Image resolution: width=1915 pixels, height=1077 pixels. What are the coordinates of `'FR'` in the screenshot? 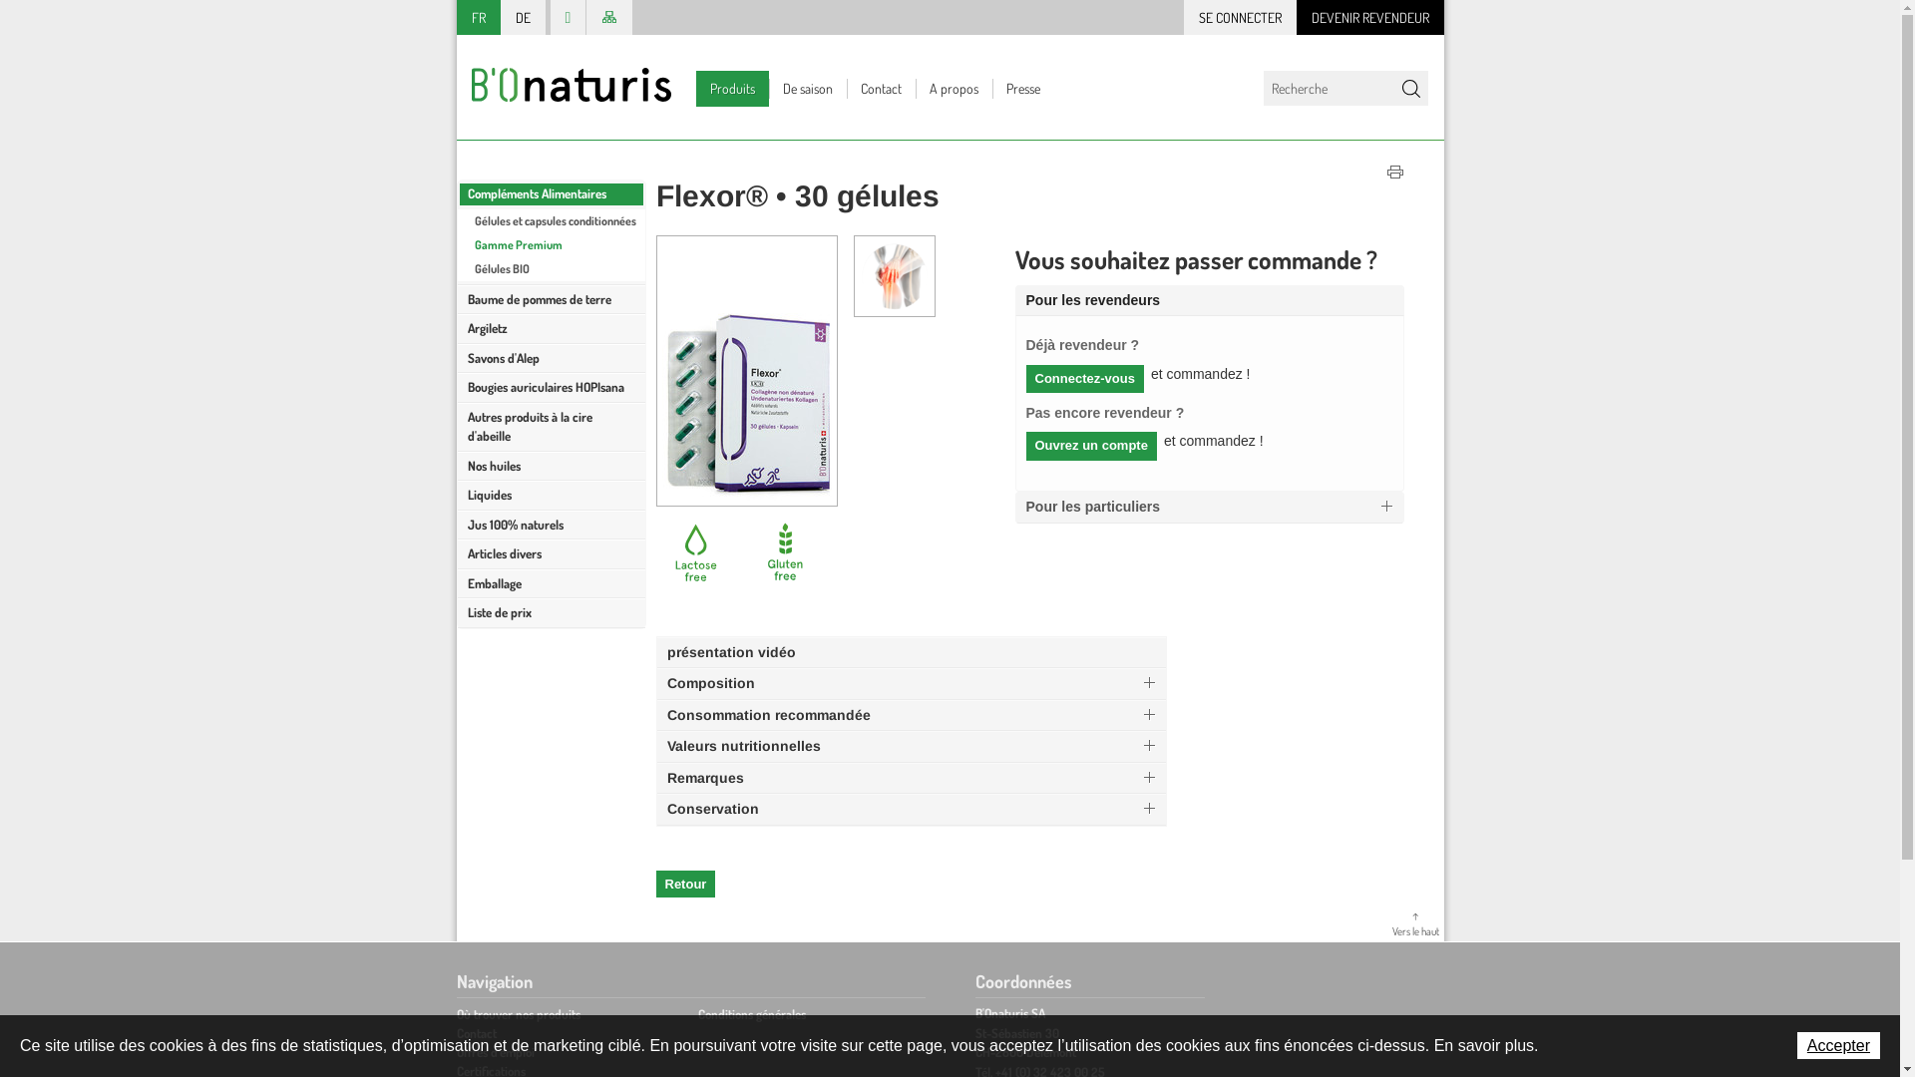 It's located at (479, 17).